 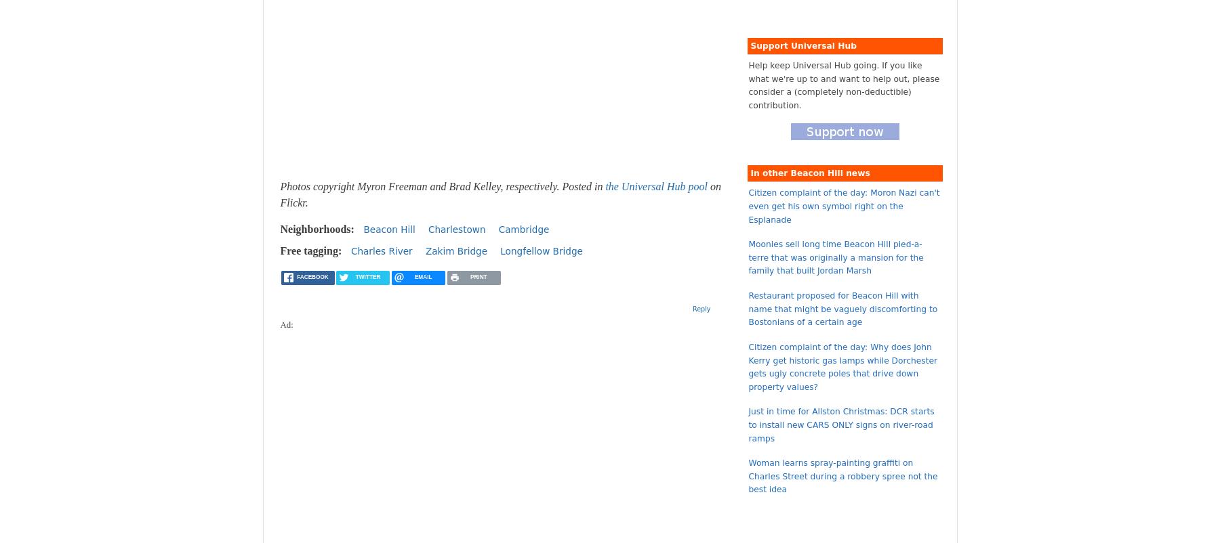 What do you see at coordinates (842, 475) in the screenshot?
I see `'Woman learns spray-painting graffiti on Charles Street during a robbery spree not the best idea'` at bounding box center [842, 475].